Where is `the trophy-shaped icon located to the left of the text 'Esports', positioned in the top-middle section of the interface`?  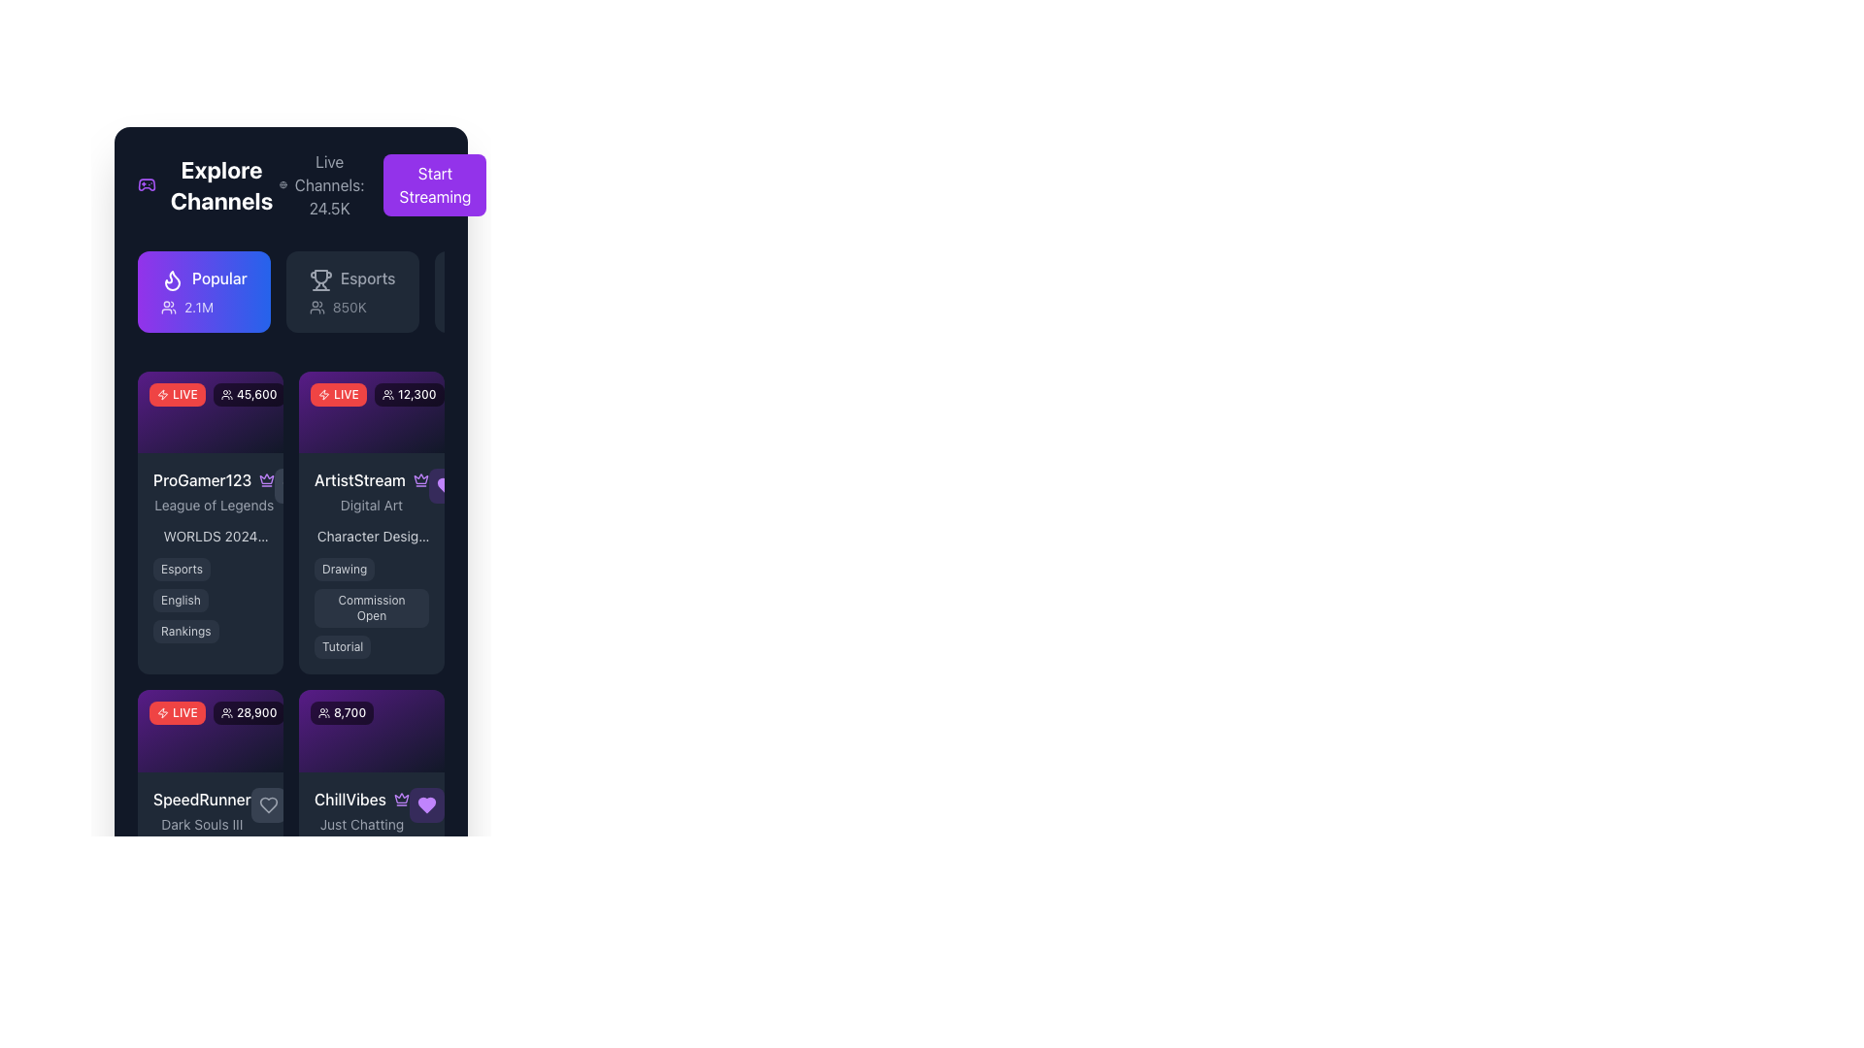 the trophy-shaped icon located to the left of the text 'Esports', positioned in the top-middle section of the interface is located at coordinates (318, 278).